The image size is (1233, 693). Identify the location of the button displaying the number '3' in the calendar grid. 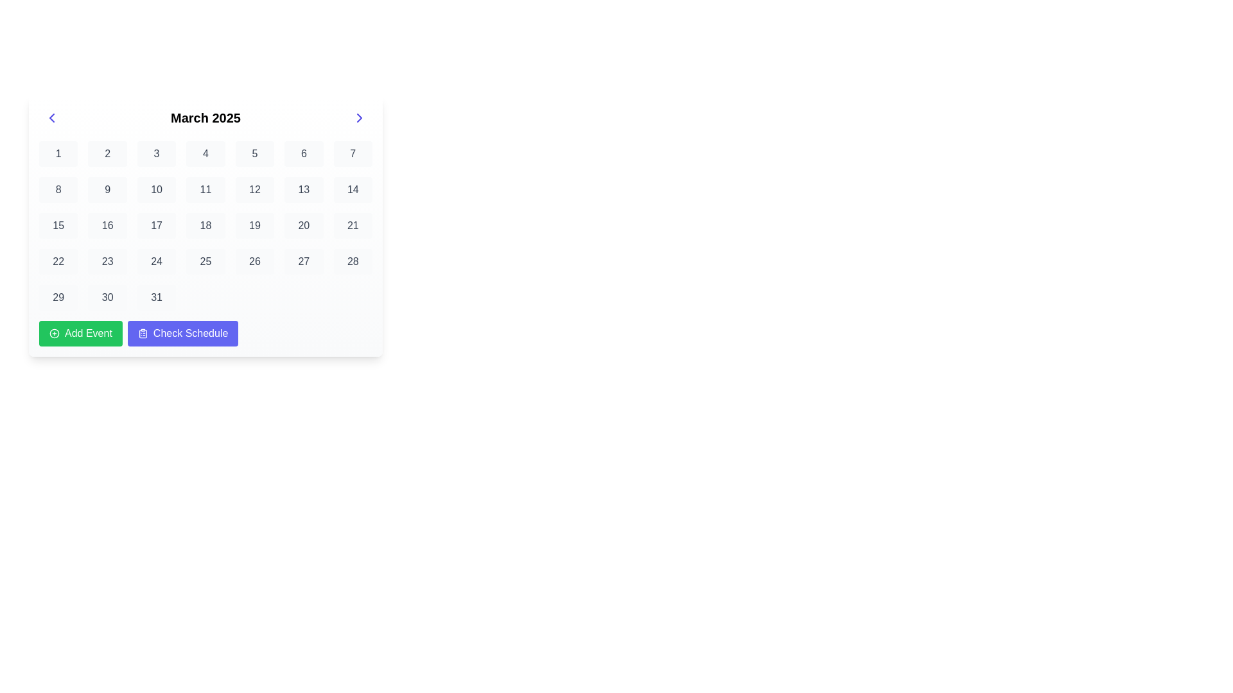
(156, 153).